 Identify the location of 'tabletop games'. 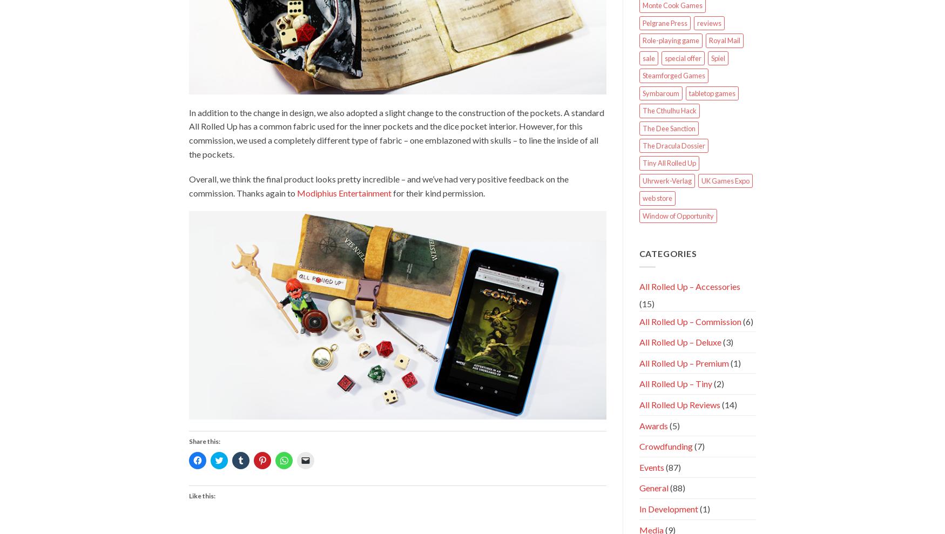
(711, 92).